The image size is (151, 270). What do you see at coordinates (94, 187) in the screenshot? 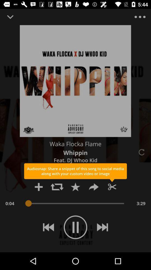
I see `the share icon` at bounding box center [94, 187].